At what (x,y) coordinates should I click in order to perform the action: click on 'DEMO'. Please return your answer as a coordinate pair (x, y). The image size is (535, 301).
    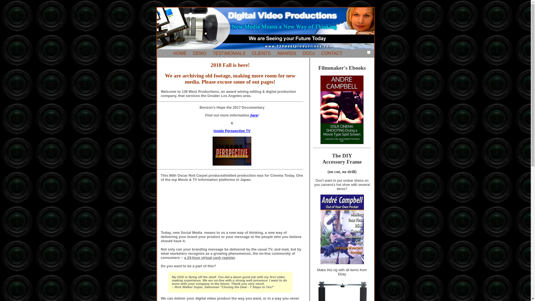
    Looking at the image, I should click on (200, 53).